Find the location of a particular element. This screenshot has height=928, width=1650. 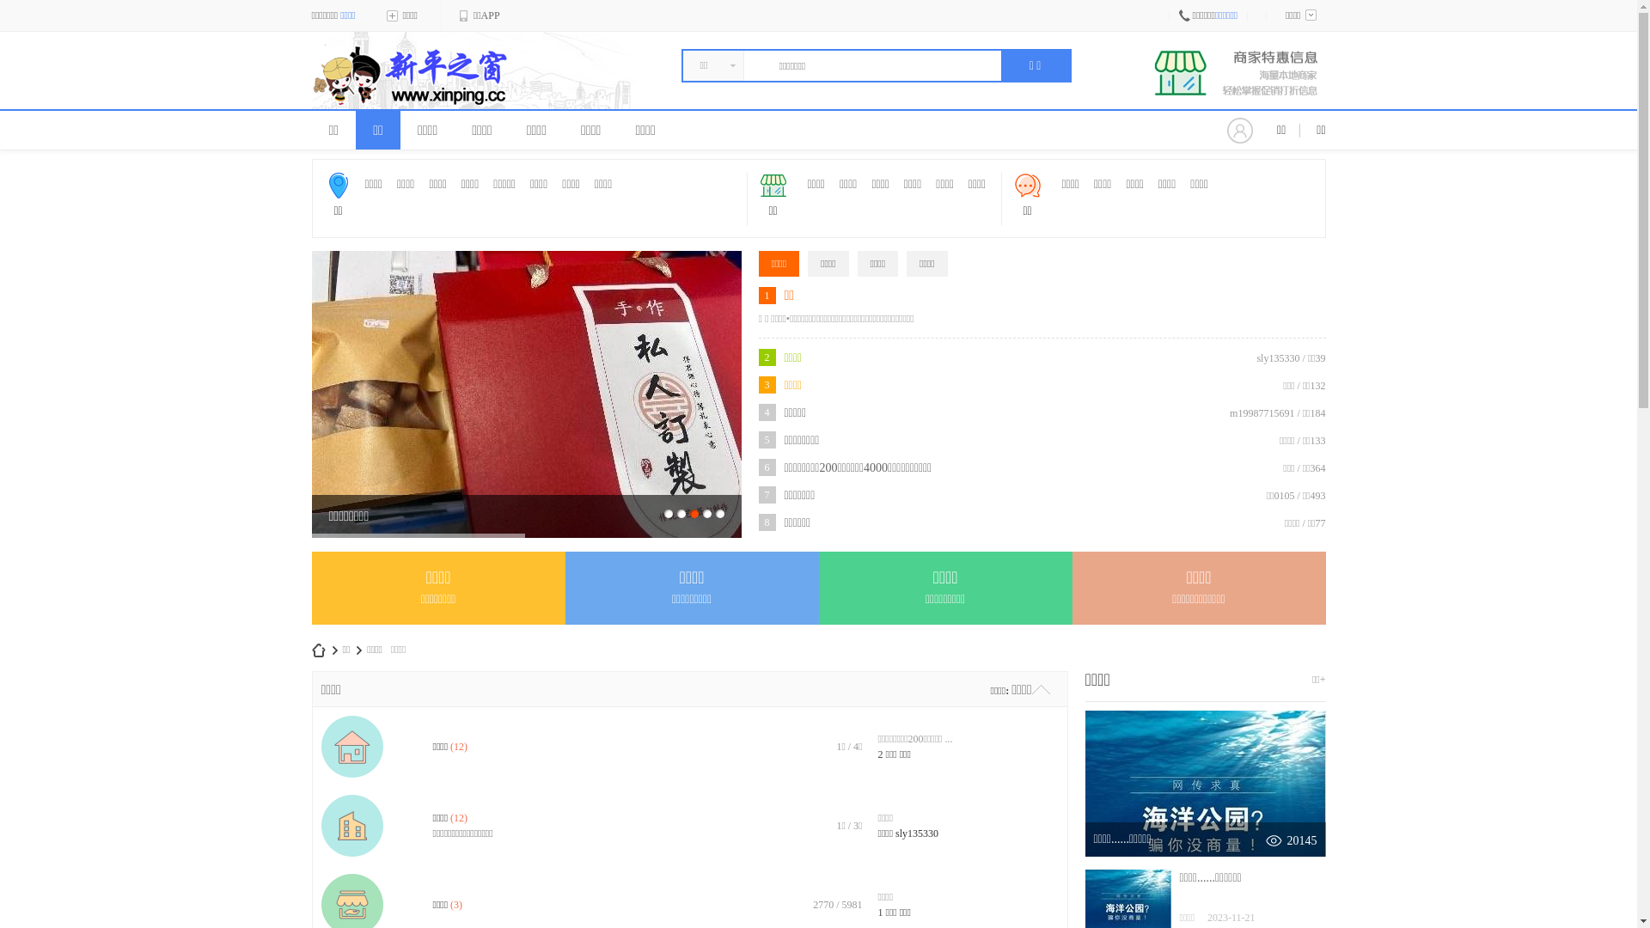

'4' is located at coordinates (706, 512).